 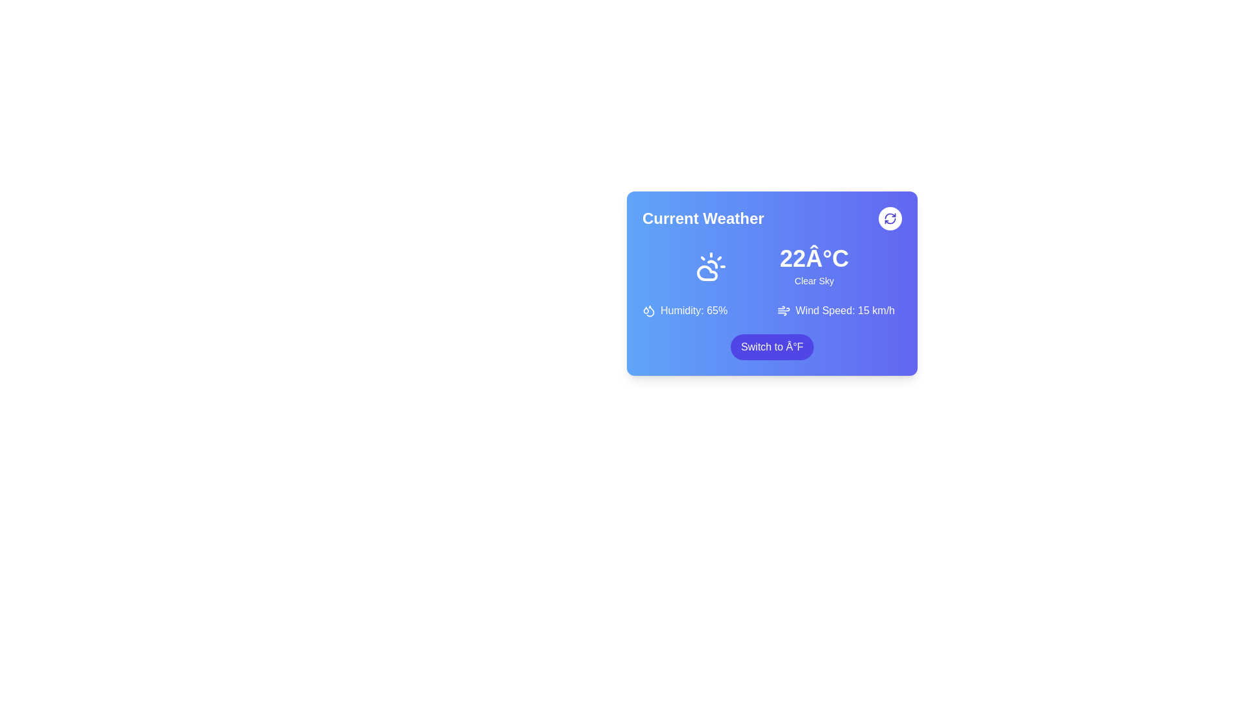 I want to click on text "Current Weather" displayed prominently at the top-left corner of the weather information module, so click(x=702, y=217).